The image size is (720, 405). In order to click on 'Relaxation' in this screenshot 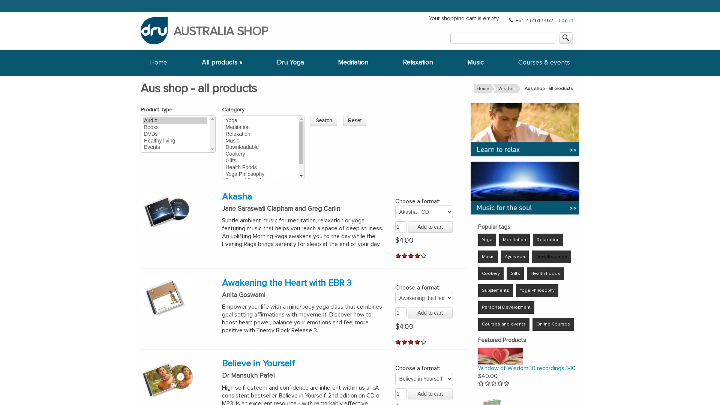, I will do `click(417, 61)`.